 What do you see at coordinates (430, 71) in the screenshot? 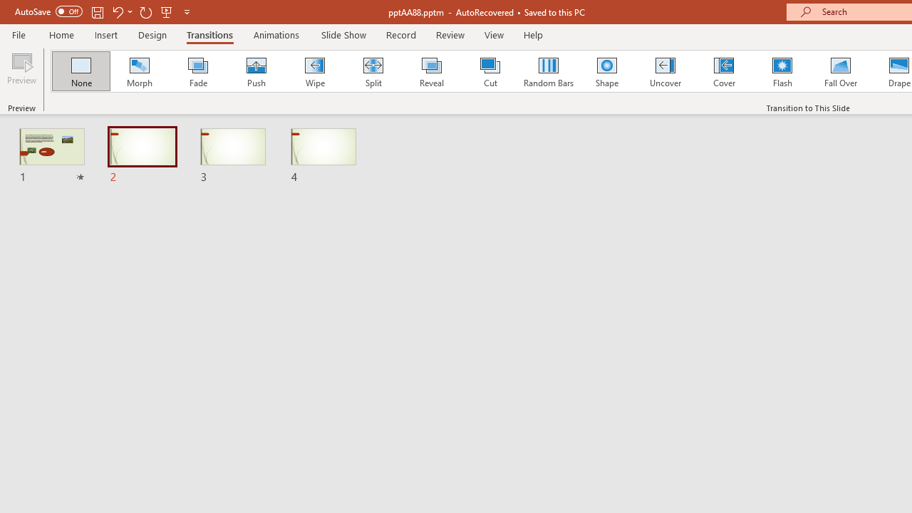
I see `'Reveal'` at bounding box center [430, 71].